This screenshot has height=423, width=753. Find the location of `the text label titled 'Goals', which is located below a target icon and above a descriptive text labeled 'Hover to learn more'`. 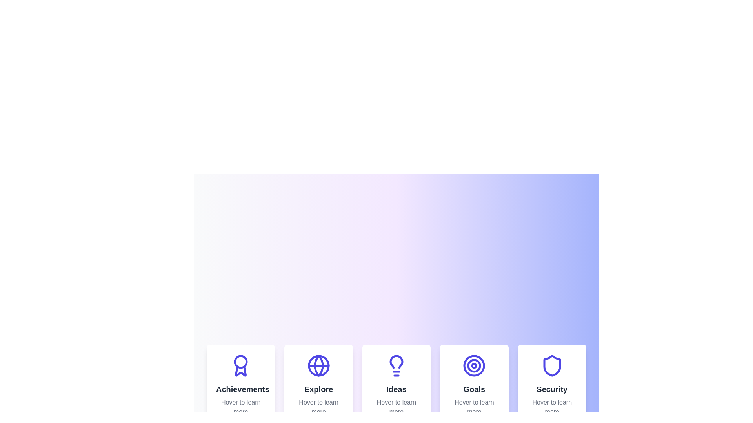

the text label titled 'Goals', which is located below a target icon and above a descriptive text labeled 'Hover to learn more' is located at coordinates (474, 389).